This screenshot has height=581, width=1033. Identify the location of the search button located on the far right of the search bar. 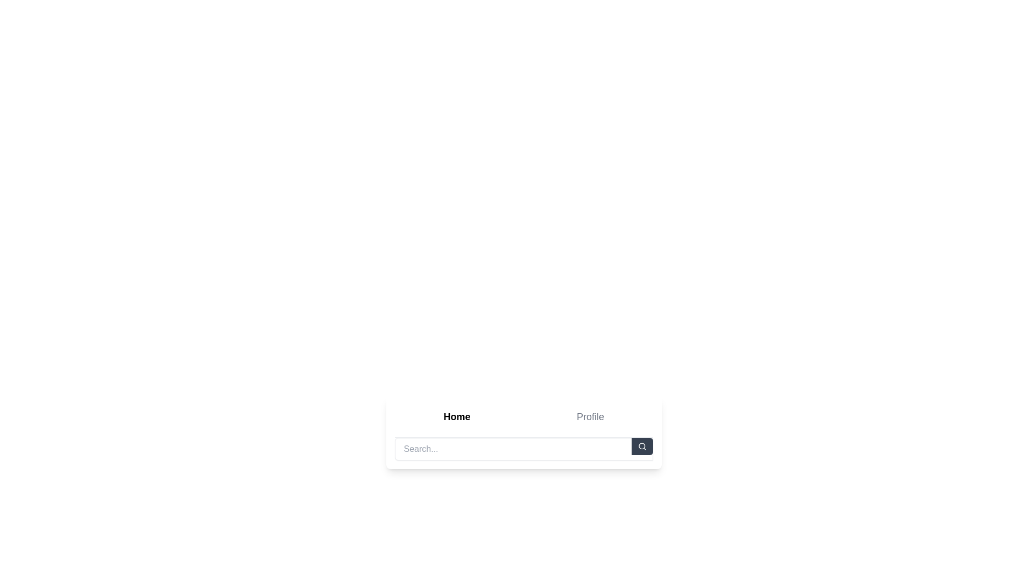
(642, 446).